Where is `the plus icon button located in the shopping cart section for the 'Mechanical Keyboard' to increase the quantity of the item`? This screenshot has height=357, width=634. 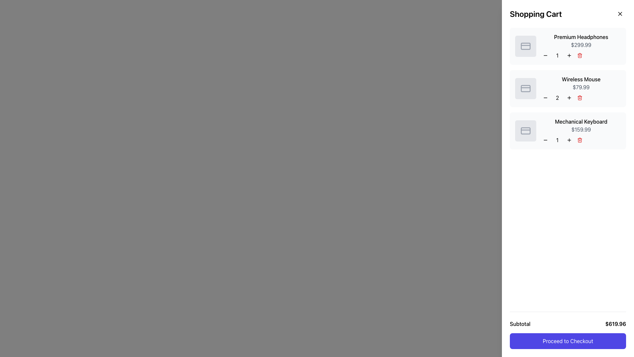
the plus icon button located in the shopping cart section for the 'Mechanical Keyboard' to increase the quantity of the item is located at coordinates (569, 140).